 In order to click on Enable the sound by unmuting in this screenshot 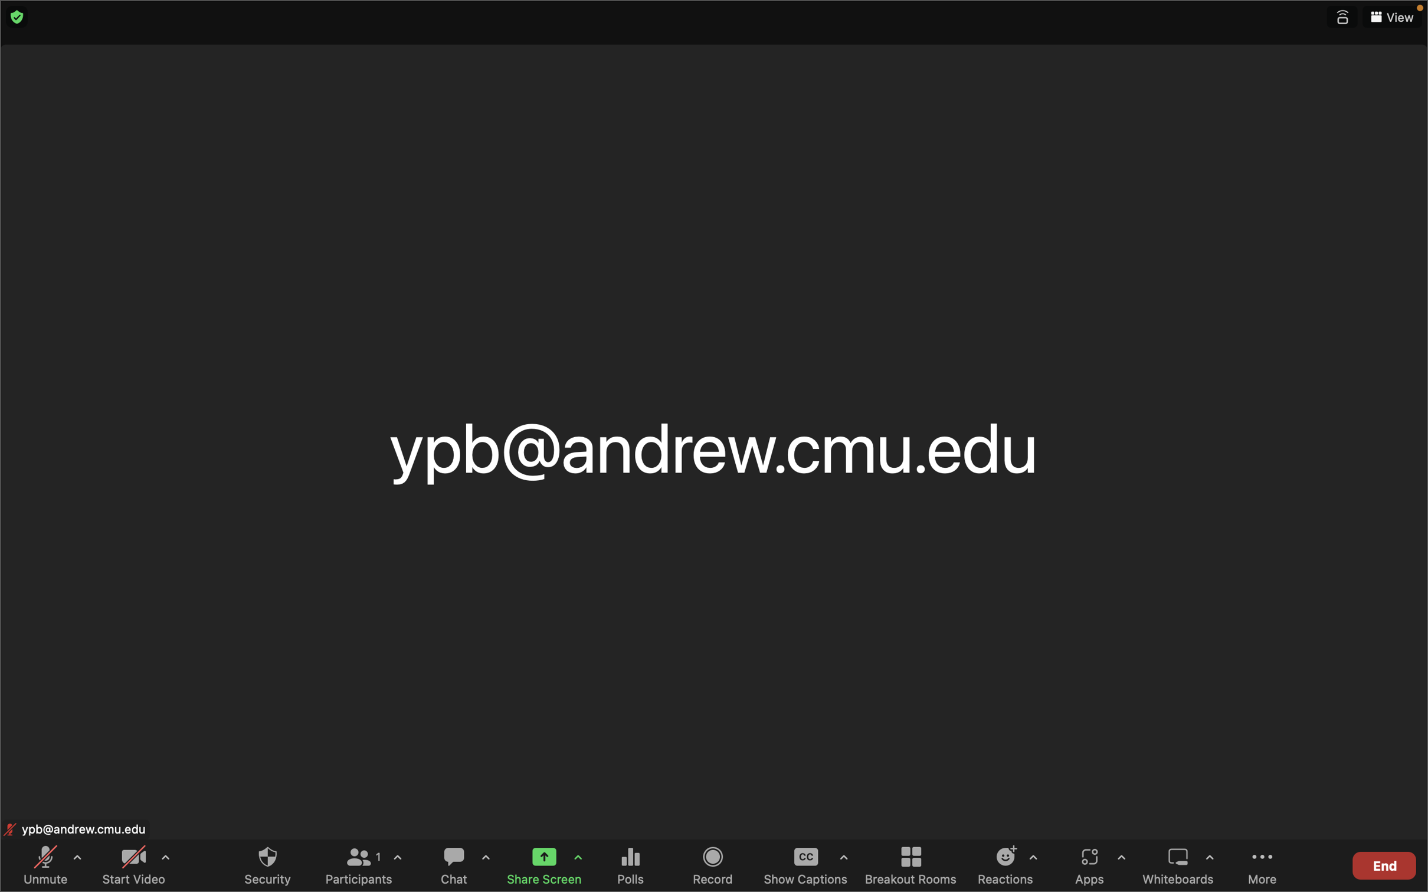, I will do `click(47, 864)`.